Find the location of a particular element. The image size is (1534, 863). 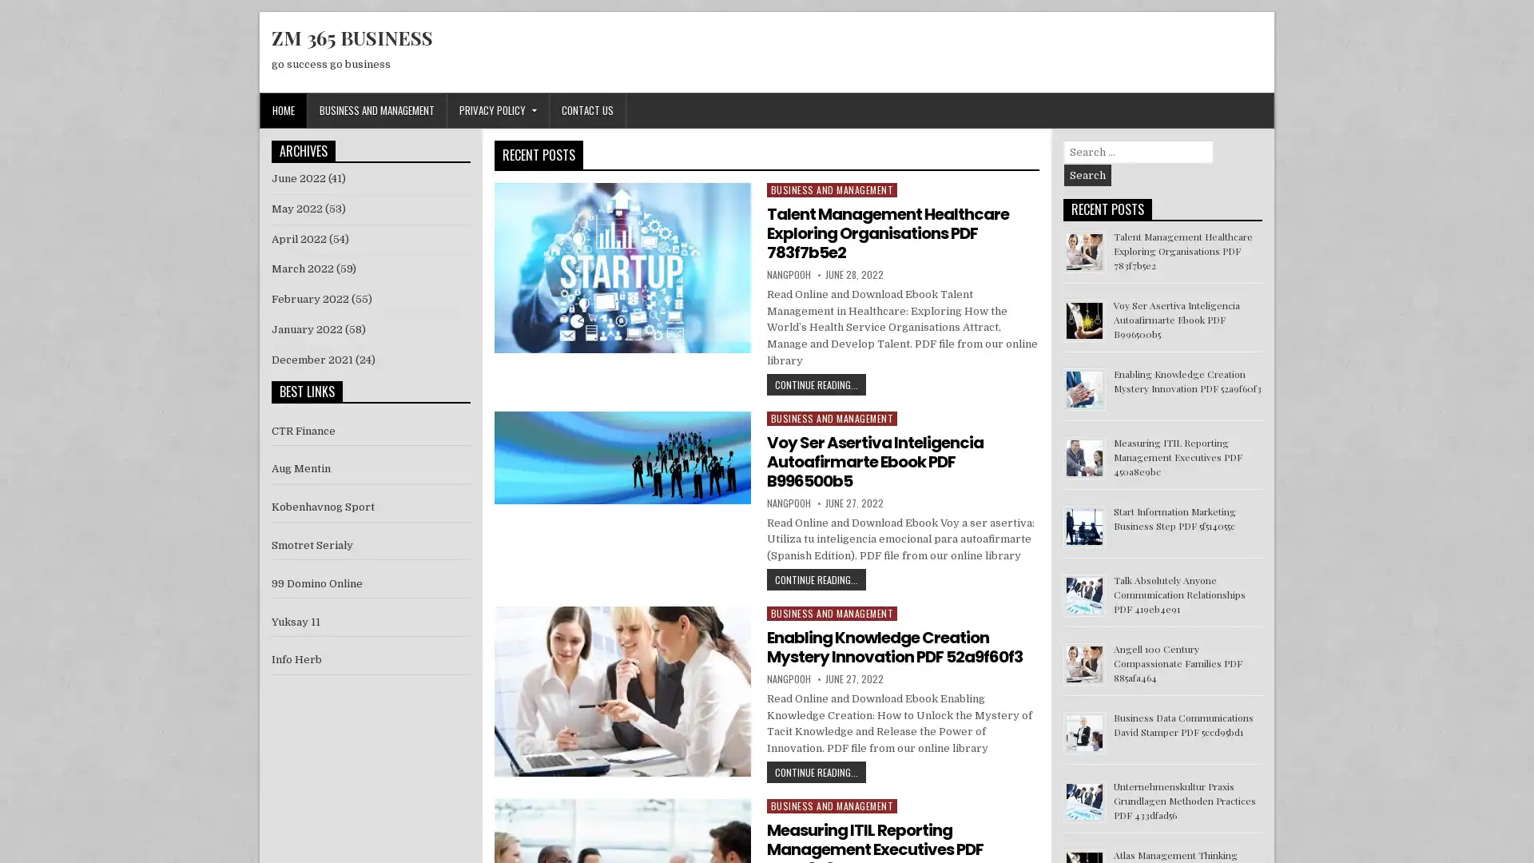

Search is located at coordinates (1087, 175).